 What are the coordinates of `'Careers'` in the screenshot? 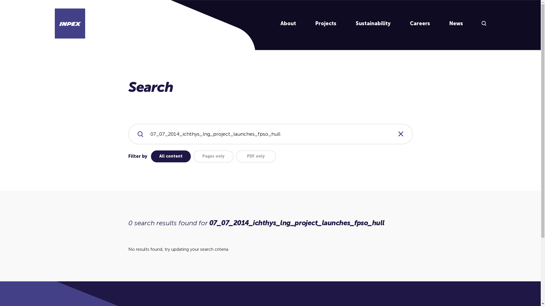 It's located at (420, 23).